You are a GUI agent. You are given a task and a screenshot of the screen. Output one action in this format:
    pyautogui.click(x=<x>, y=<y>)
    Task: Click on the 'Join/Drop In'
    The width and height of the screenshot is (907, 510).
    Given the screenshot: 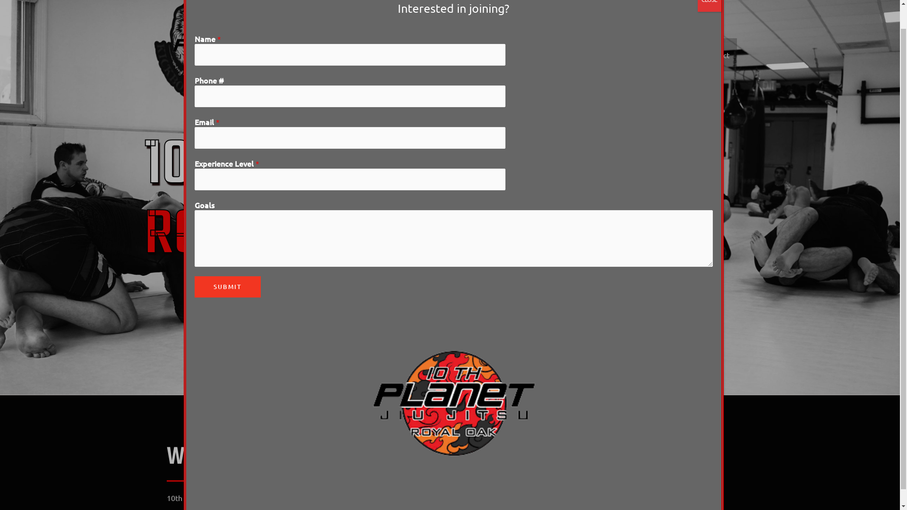 What is the action you would take?
    pyautogui.click(x=491, y=54)
    